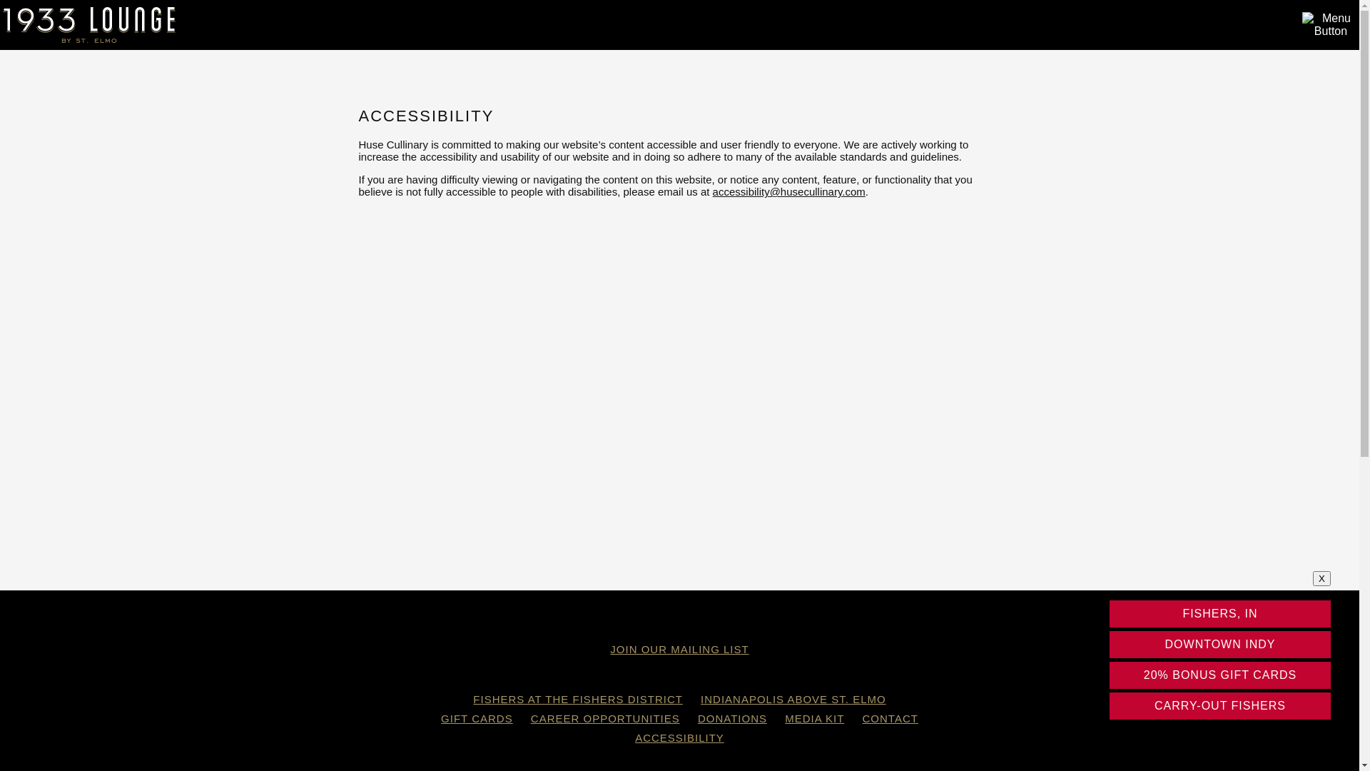  What do you see at coordinates (1219, 613) in the screenshot?
I see `'FISHERS, IN'` at bounding box center [1219, 613].